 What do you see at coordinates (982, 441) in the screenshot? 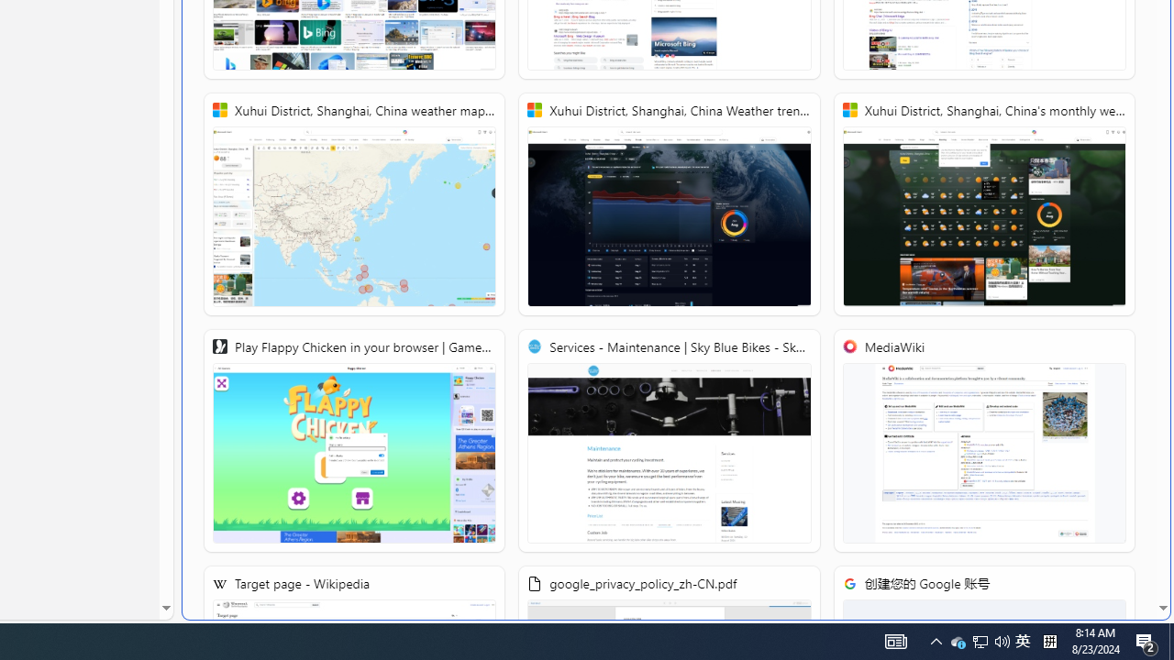
I see `'MediaWiki'` at bounding box center [982, 441].